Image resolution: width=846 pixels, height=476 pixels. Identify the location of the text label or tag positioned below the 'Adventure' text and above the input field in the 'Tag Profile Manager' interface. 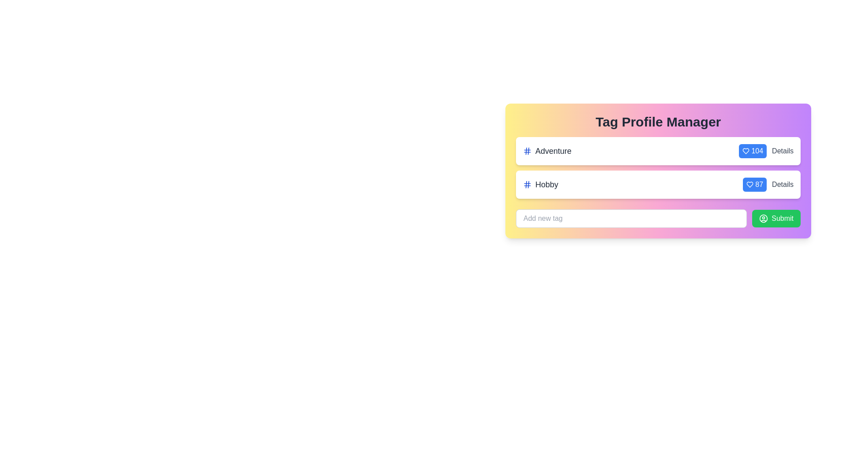
(546, 184).